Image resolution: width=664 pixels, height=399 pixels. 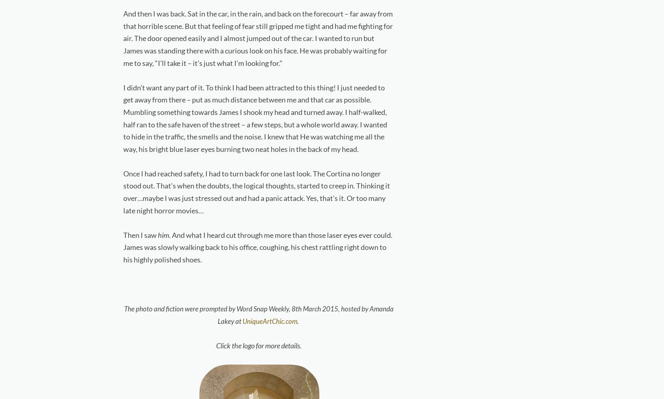 What do you see at coordinates (258, 345) in the screenshot?
I see `'Click the logo for more details.'` at bounding box center [258, 345].